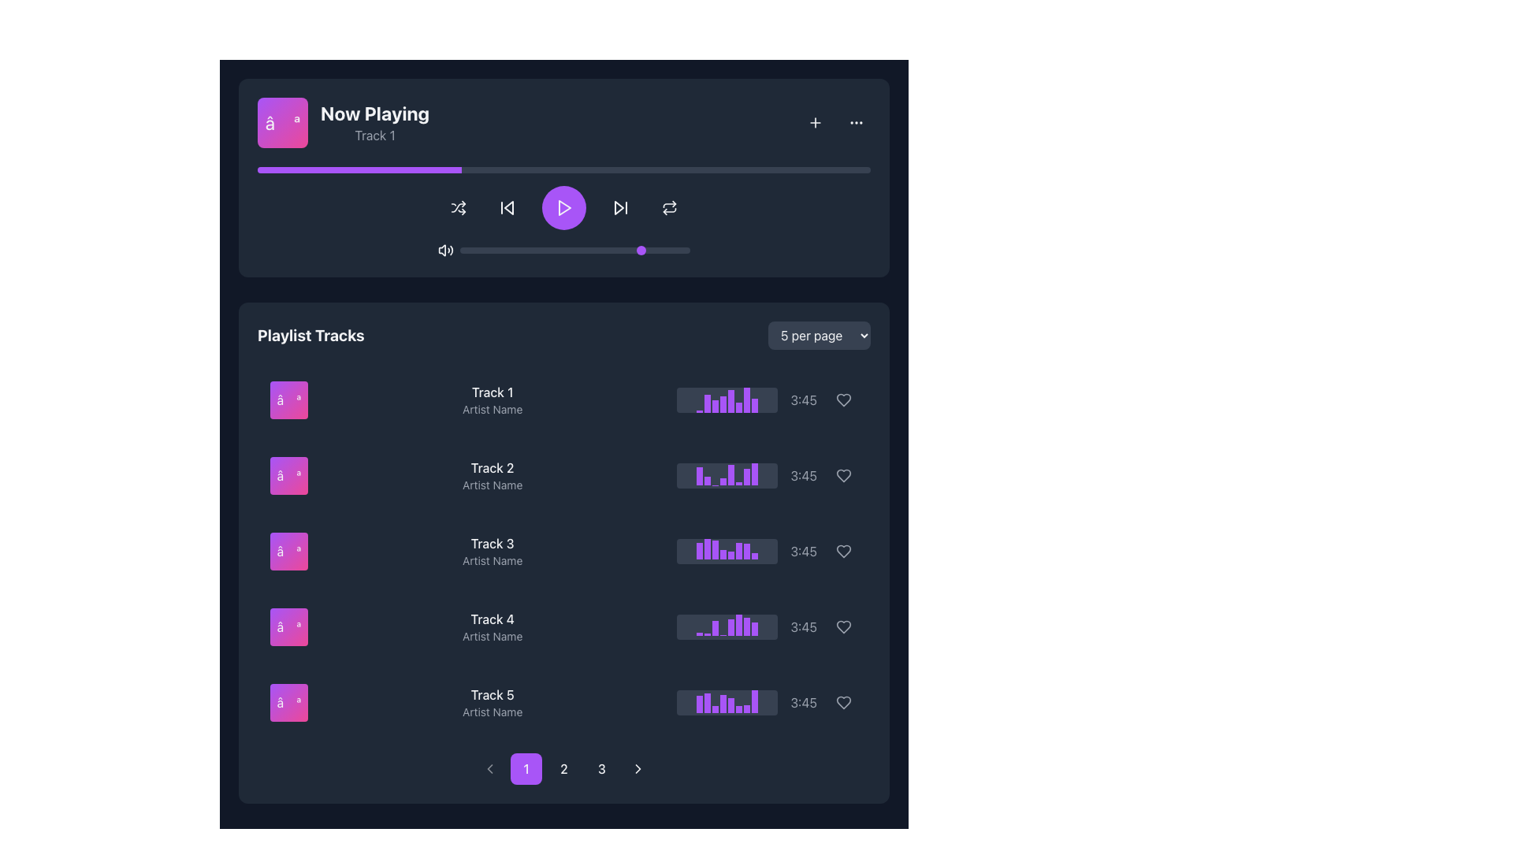 The height and width of the screenshot is (851, 1513). I want to click on the graphical visualization bar, which is the third vertical bar from the left in a horizontal group, indicating the progress of the associated song track, so click(715, 405).